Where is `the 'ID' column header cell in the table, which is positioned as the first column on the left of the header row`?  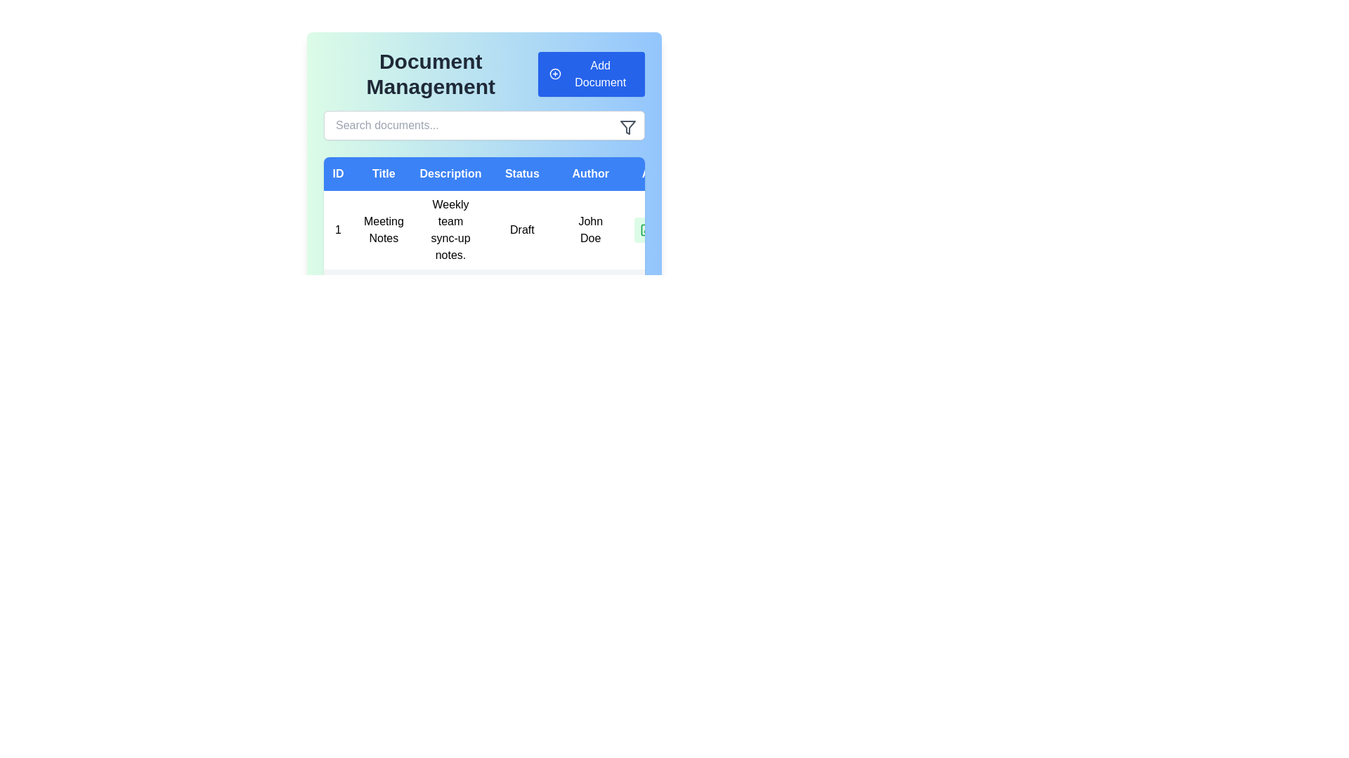 the 'ID' column header cell in the table, which is positioned as the first column on the left of the header row is located at coordinates (338, 173).